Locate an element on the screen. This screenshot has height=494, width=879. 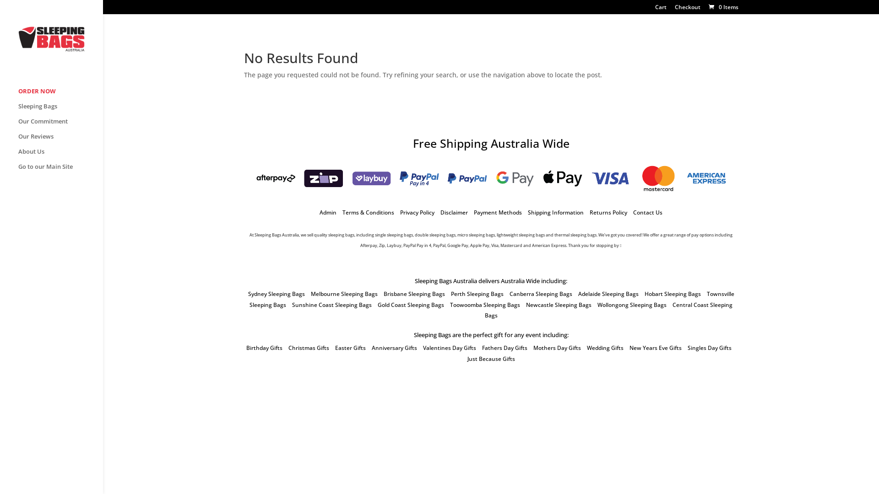
'Singles Day Gifts' is located at coordinates (709, 348).